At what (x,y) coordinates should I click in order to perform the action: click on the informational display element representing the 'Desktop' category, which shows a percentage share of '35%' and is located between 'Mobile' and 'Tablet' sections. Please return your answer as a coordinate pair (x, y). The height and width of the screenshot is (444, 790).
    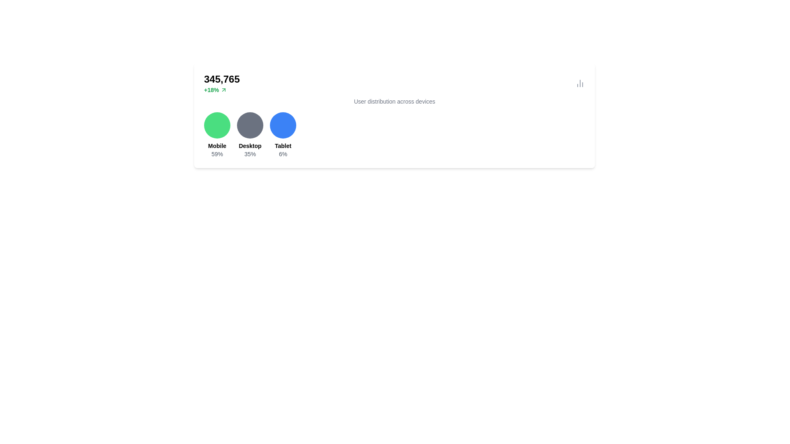
    Looking at the image, I should click on (250, 134).